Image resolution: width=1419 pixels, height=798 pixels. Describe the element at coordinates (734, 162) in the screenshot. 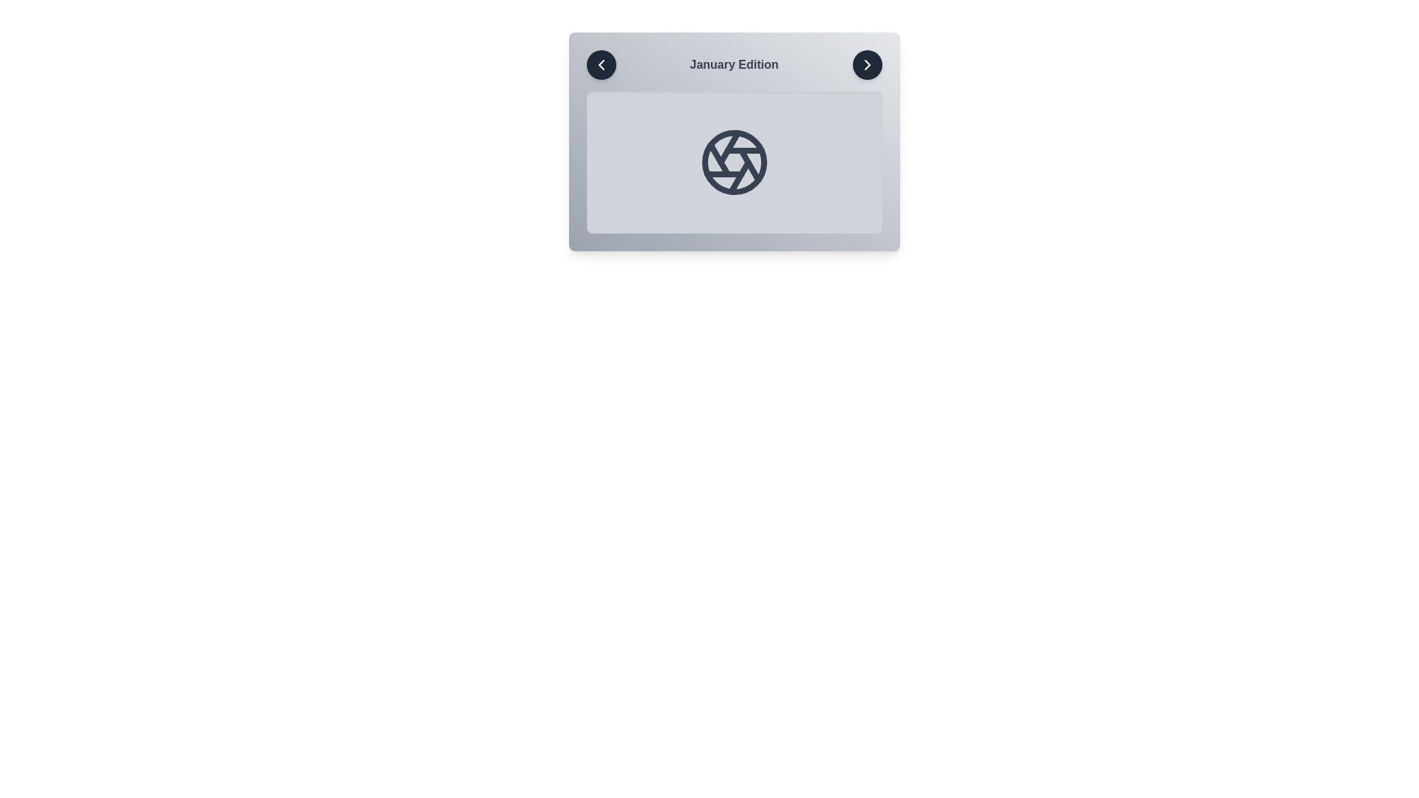

I see `the image placeholder to interact with it` at that location.